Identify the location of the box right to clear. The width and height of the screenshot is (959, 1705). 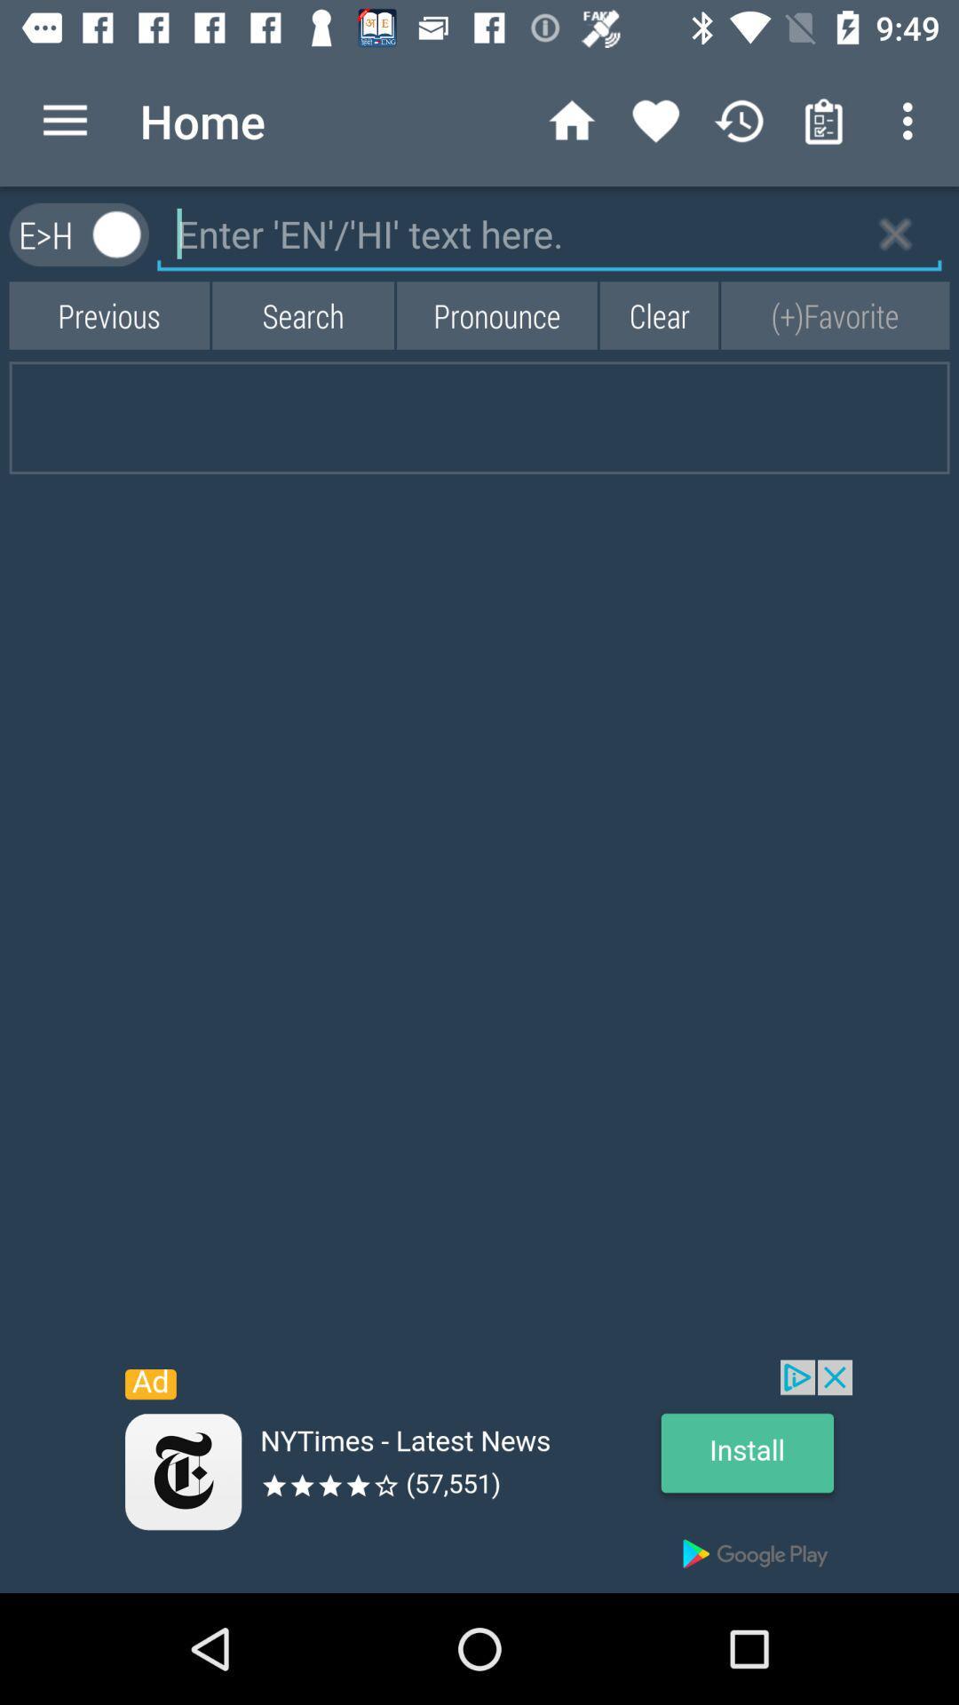
(836, 315).